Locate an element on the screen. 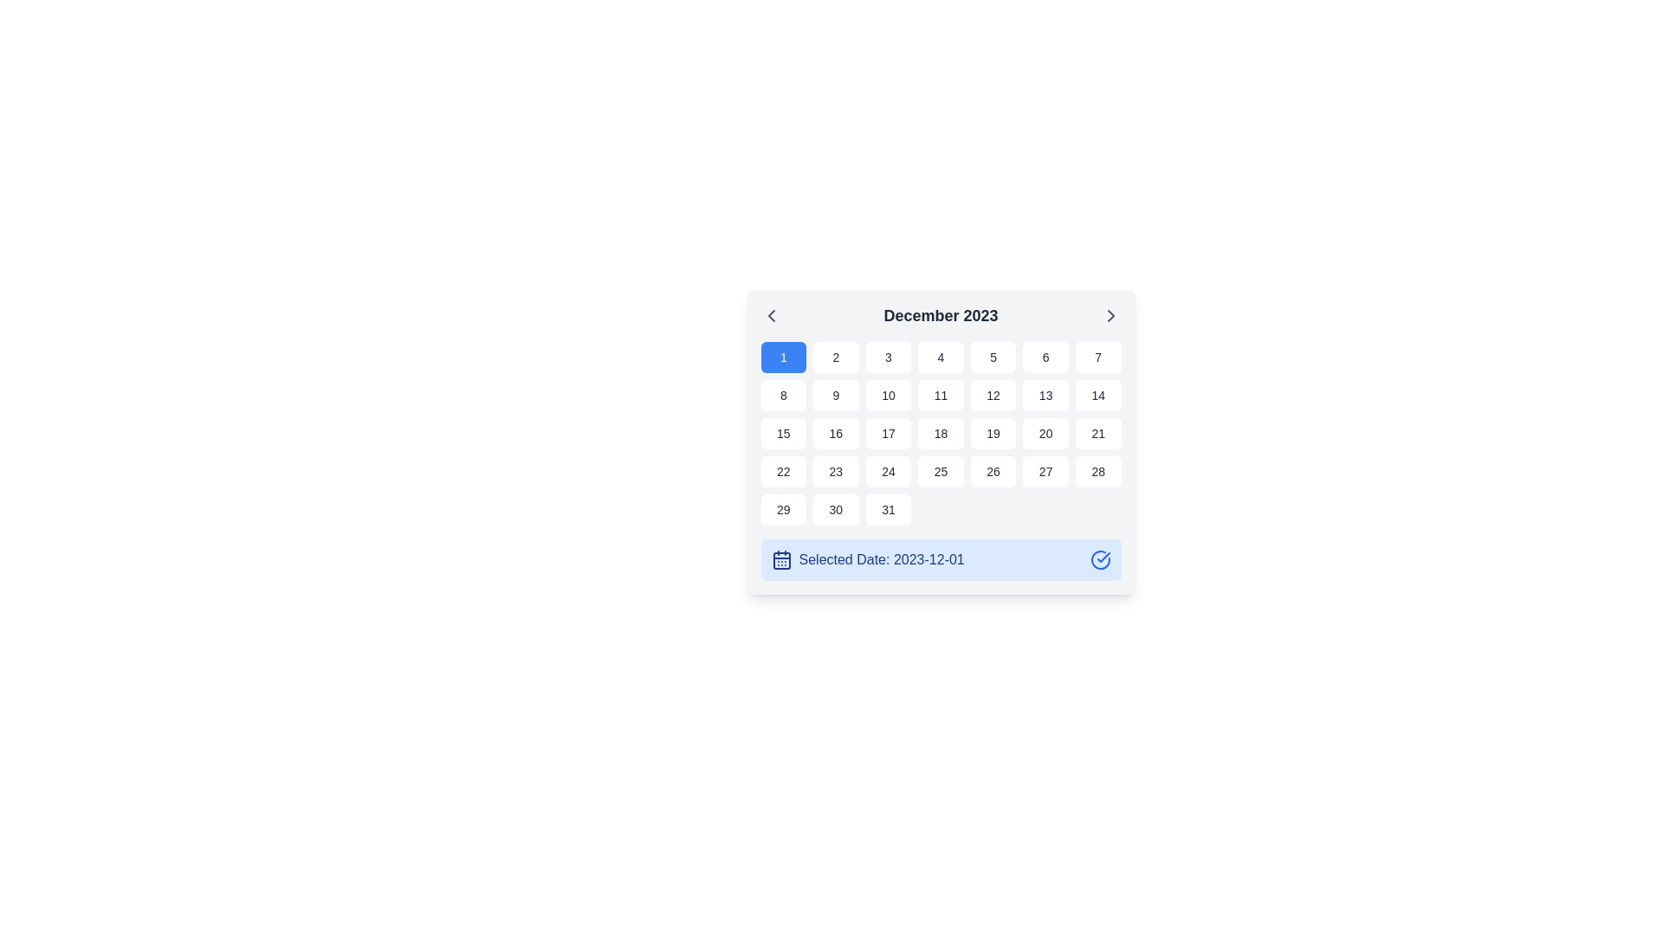 The width and height of the screenshot is (1663, 935). the square button labeled '15' with a white background and rounded corners is located at coordinates (782, 433).